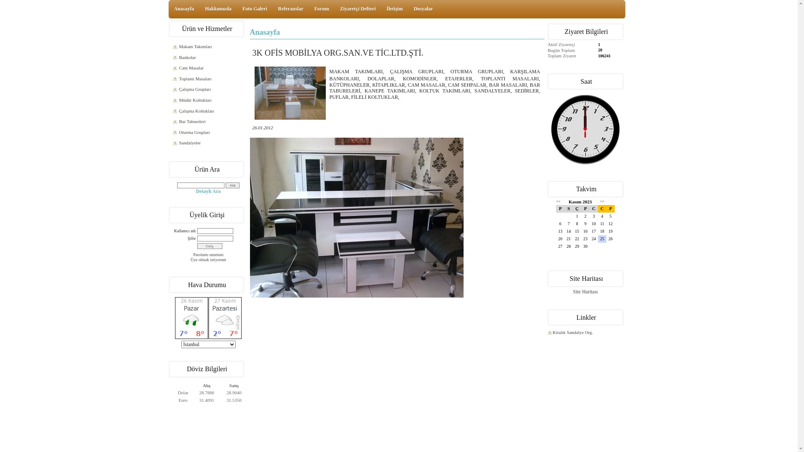 The image size is (804, 452). I want to click on '3', so click(589, 216).